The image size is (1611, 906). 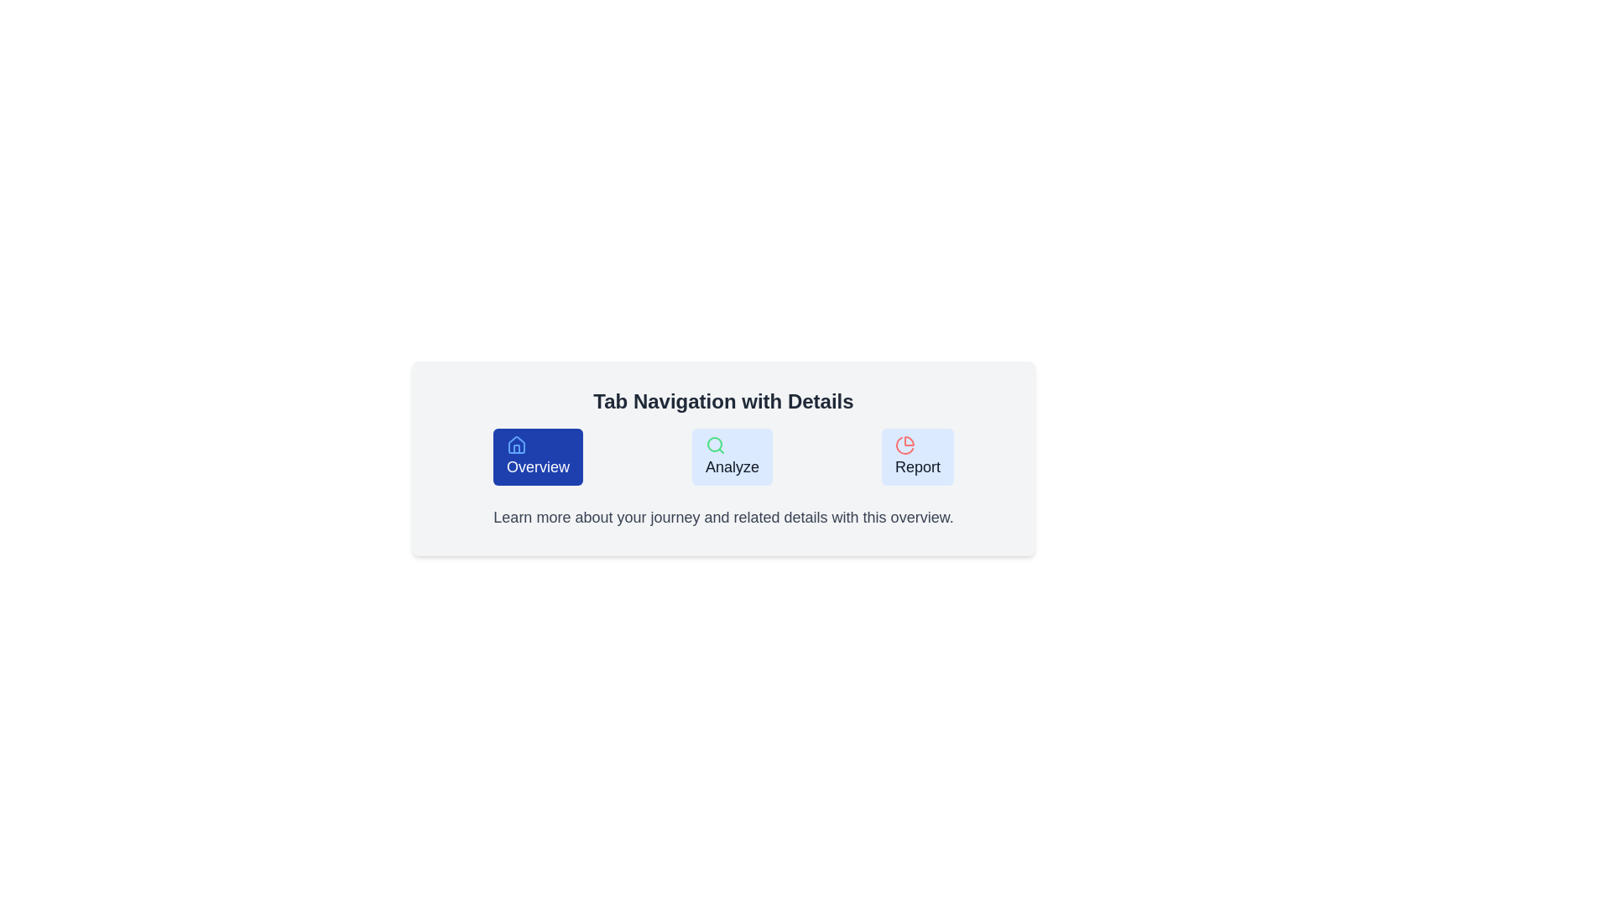 I want to click on the Analyze tab, so click(x=733, y=456).